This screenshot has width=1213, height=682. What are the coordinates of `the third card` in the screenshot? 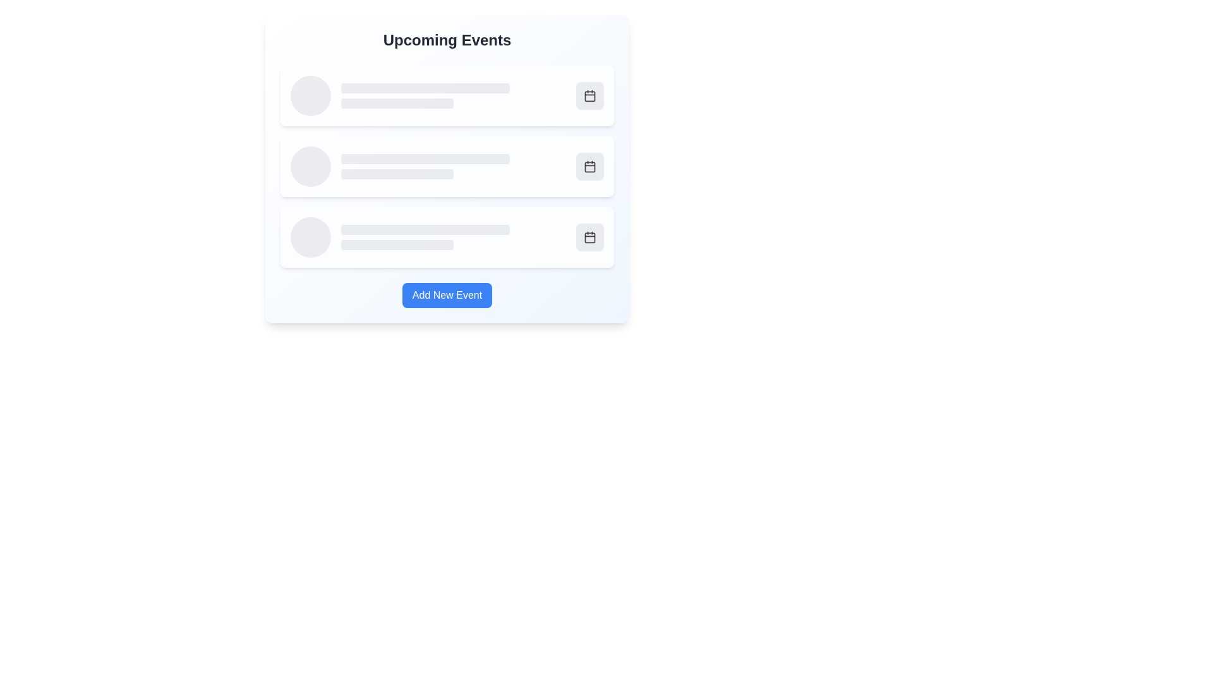 It's located at (447, 237).